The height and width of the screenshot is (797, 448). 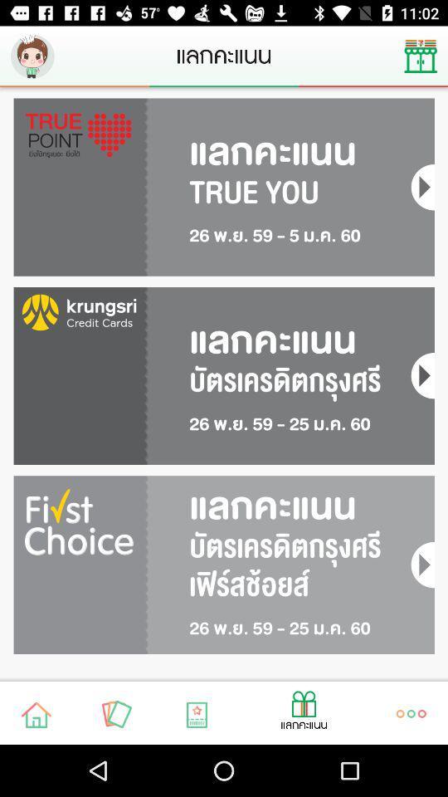 I want to click on home button at bottom left corner, so click(x=37, y=714).